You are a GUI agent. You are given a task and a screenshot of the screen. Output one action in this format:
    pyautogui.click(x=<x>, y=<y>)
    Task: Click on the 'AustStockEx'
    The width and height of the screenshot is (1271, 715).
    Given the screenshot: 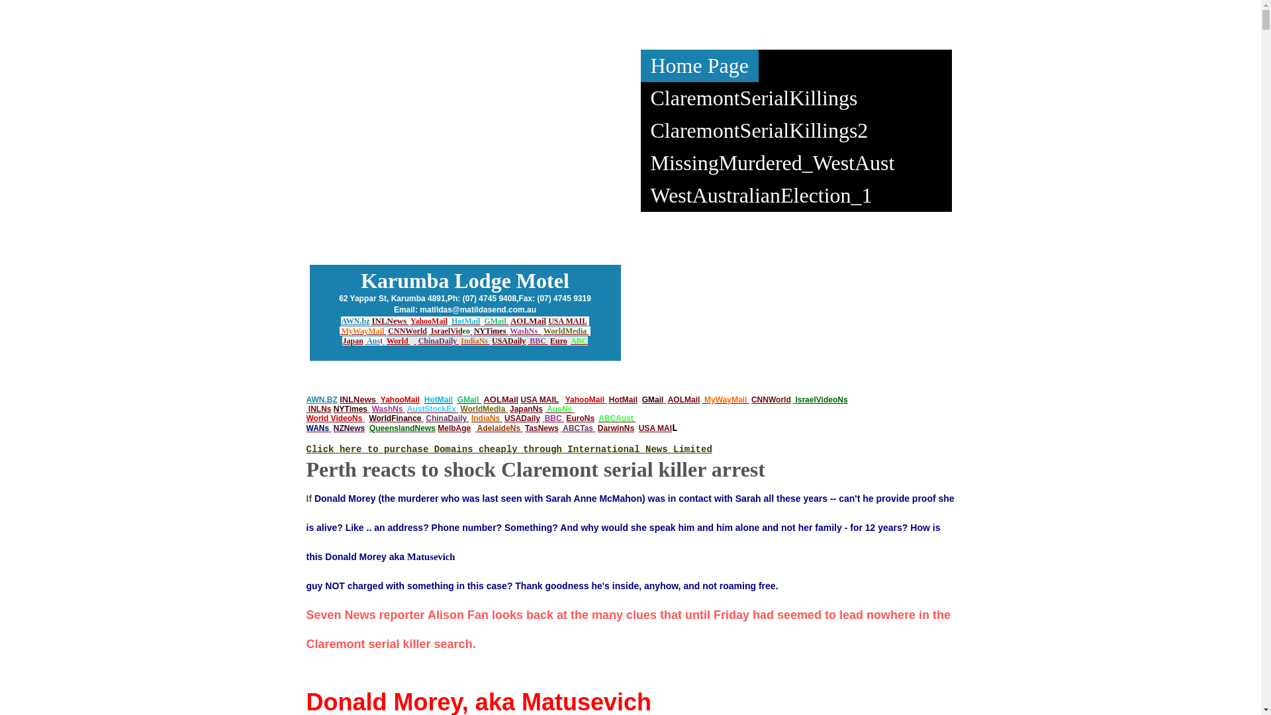 What is the action you would take?
    pyautogui.click(x=406, y=408)
    